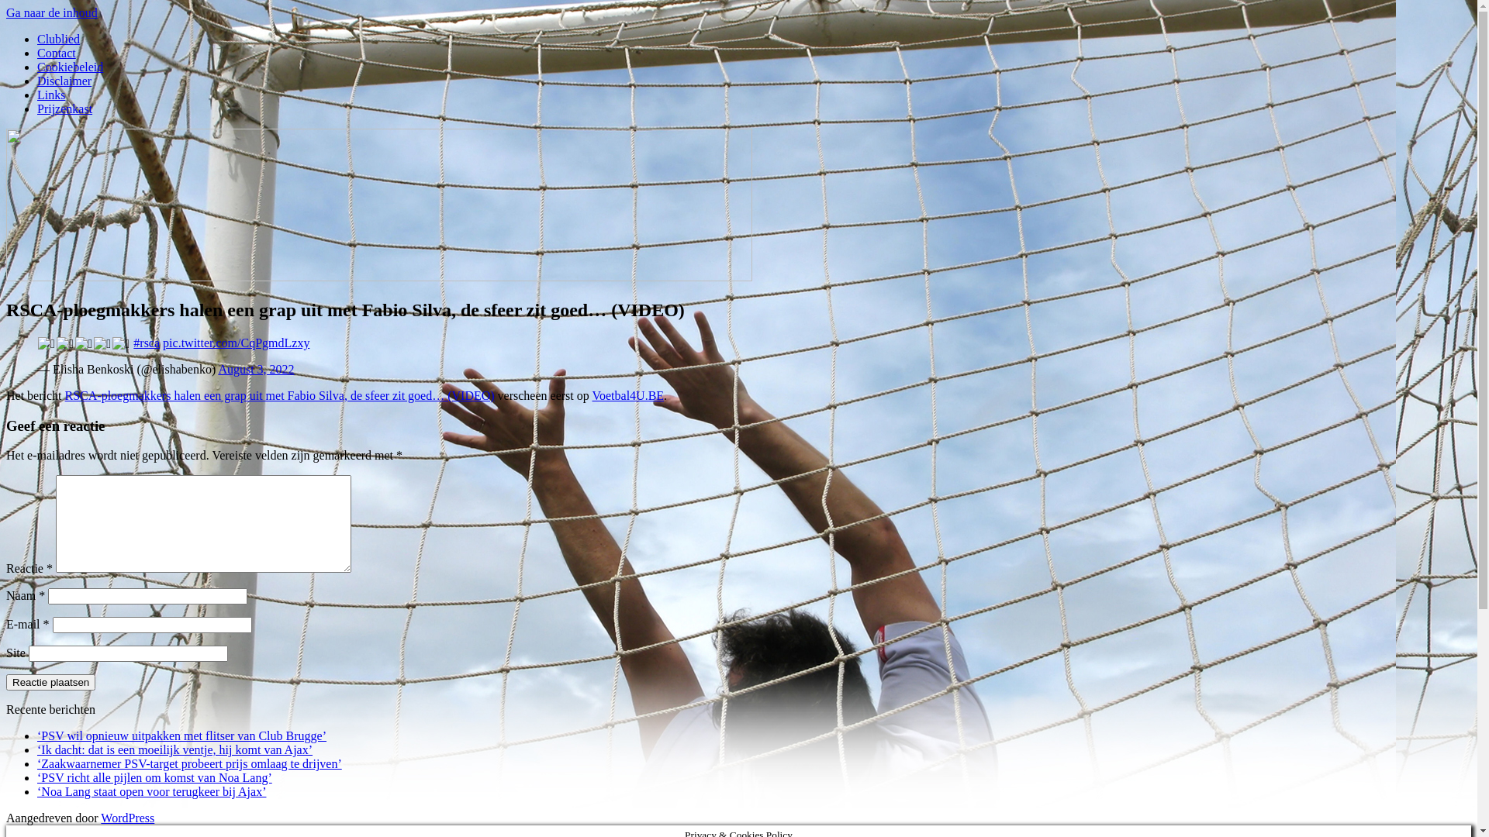 The width and height of the screenshot is (1489, 837). Describe the element at coordinates (58, 38) in the screenshot. I see `'Clublied'` at that location.